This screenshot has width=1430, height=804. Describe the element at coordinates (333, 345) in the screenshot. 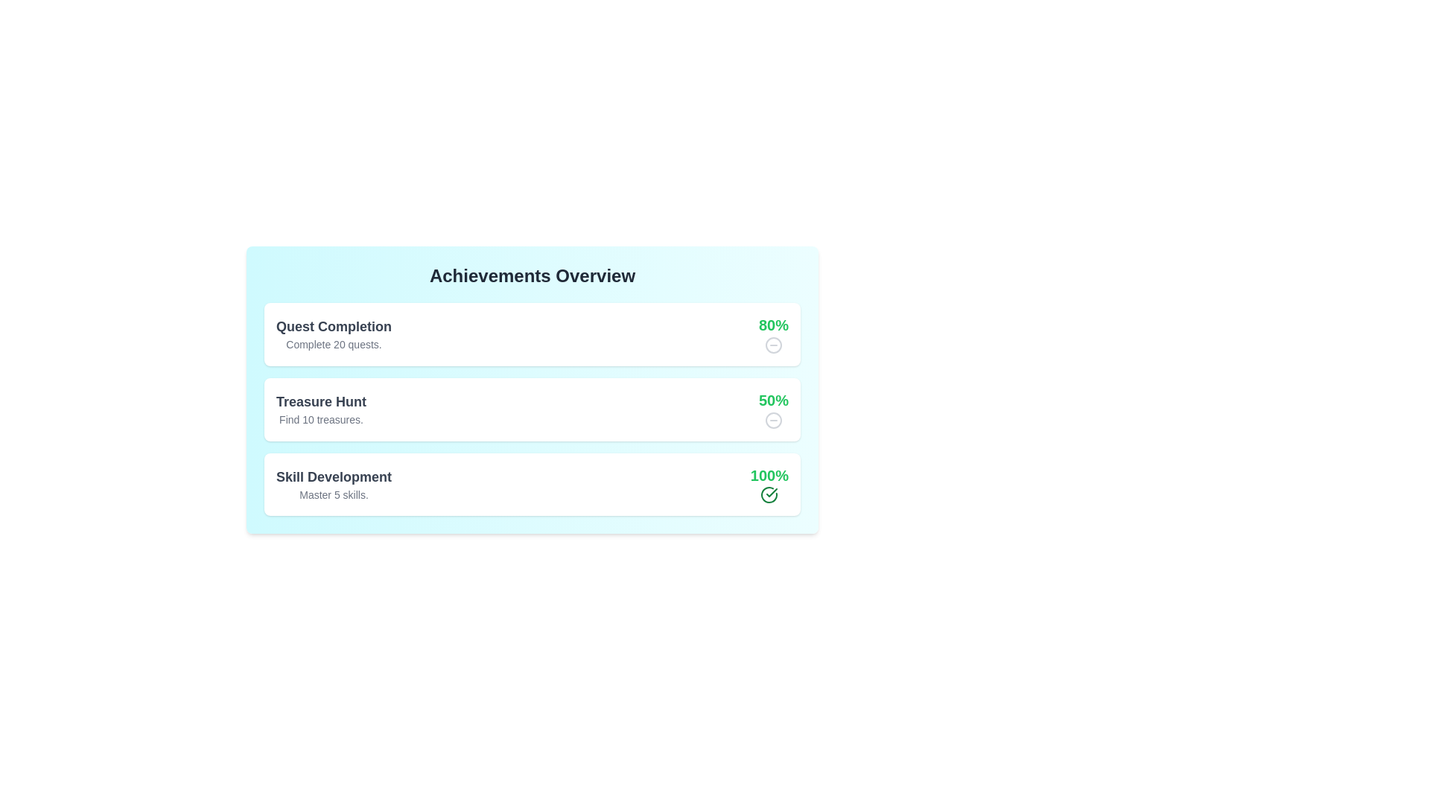

I see `the 'Quest Completion' text label that provides the requirement 'Complete 20 quests.' It is located below the title of the section and adjacent to other sections in a vertically stacked list` at that location.